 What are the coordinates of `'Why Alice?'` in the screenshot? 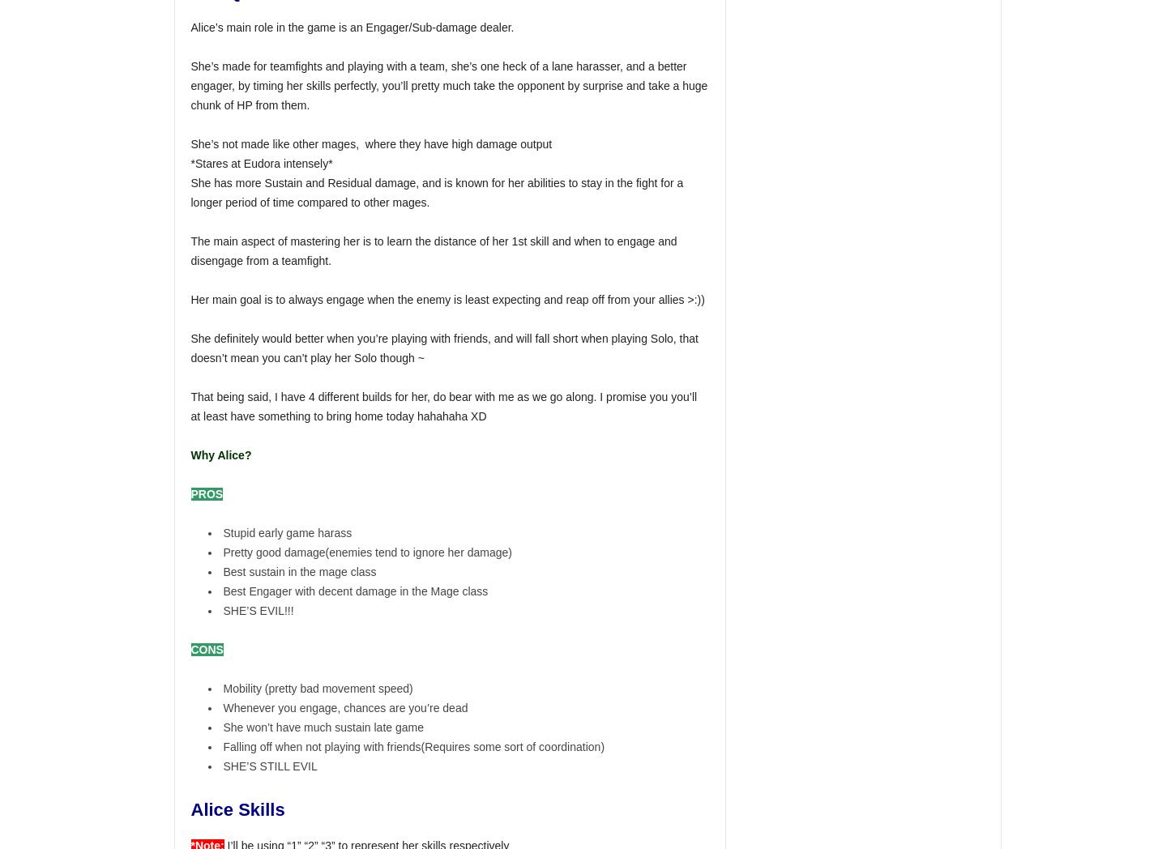 It's located at (220, 454).